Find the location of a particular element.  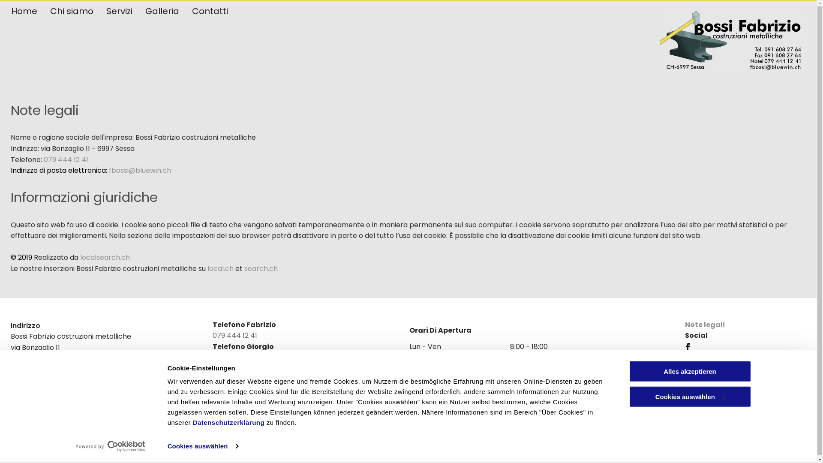

'Servizi' is located at coordinates (119, 10).